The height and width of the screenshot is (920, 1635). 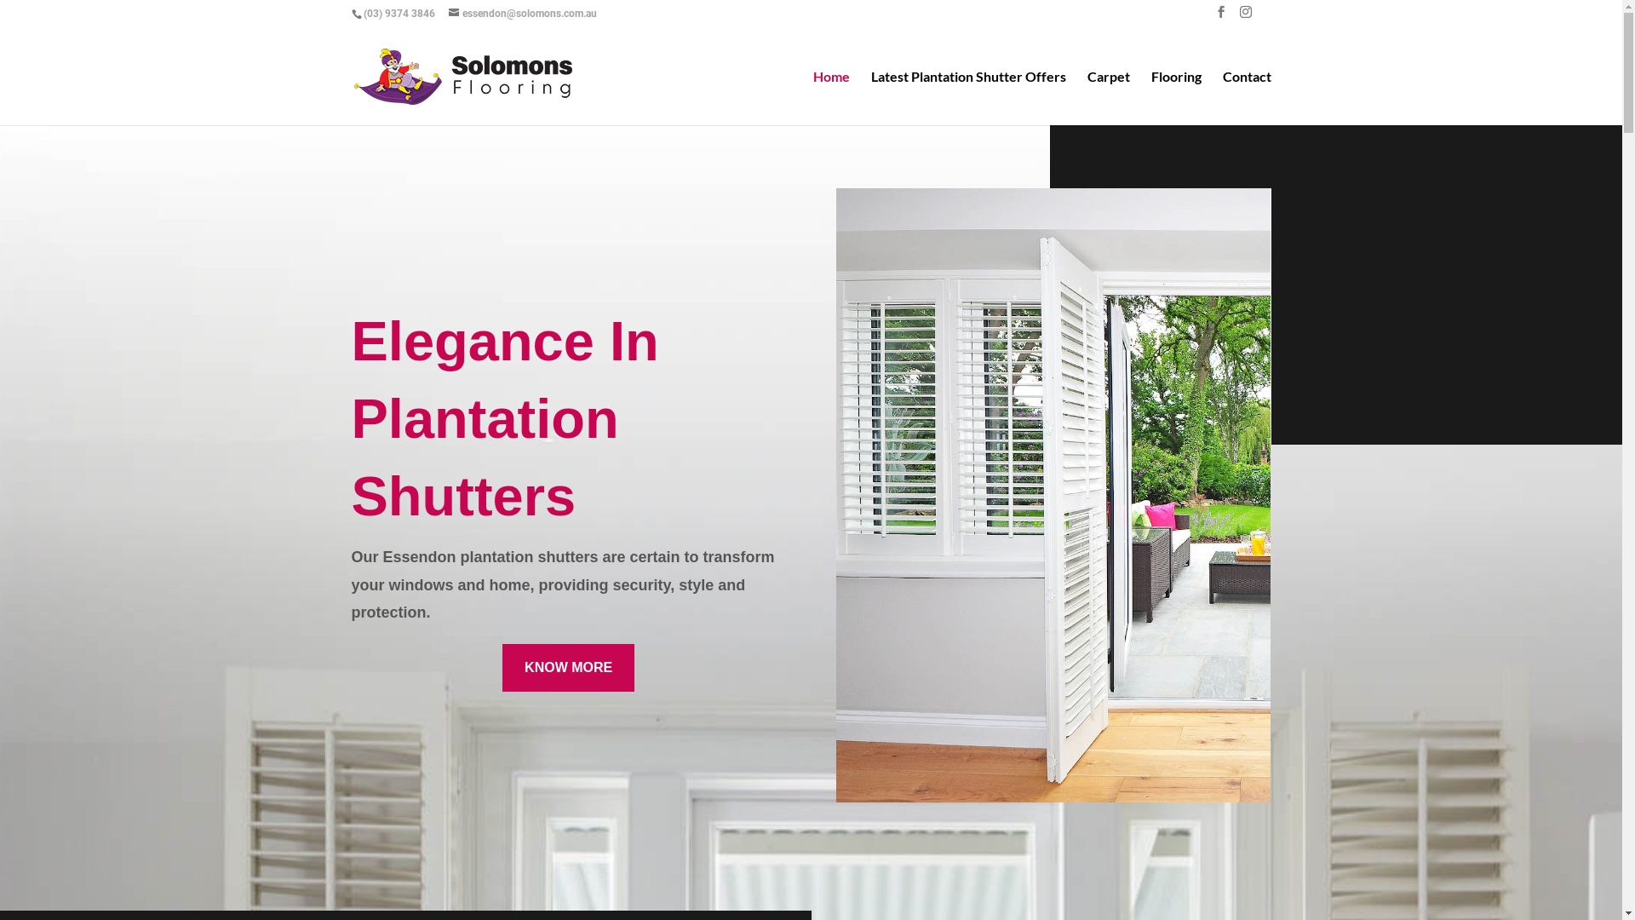 What do you see at coordinates (521, 13) in the screenshot?
I see `'essendon@solomons.com.au'` at bounding box center [521, 13].